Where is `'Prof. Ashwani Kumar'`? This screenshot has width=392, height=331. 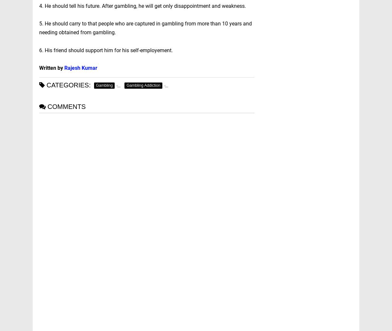 'Prof. Ashwani Kumar' is located at coordinates (70, 236).